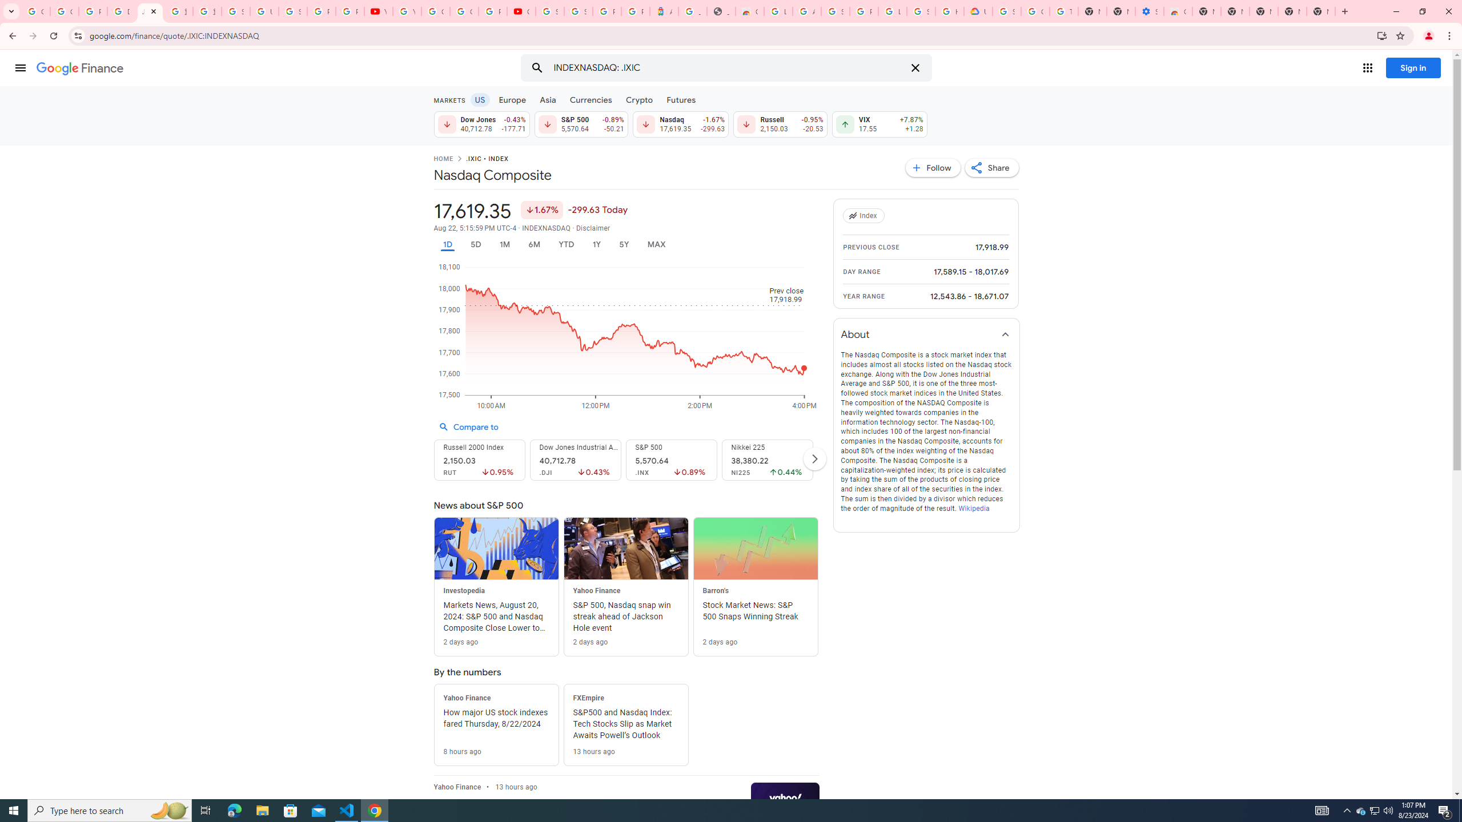 The width and height of the screenshot is (1462, 822). I want to click on 'About', so click(926, 334).